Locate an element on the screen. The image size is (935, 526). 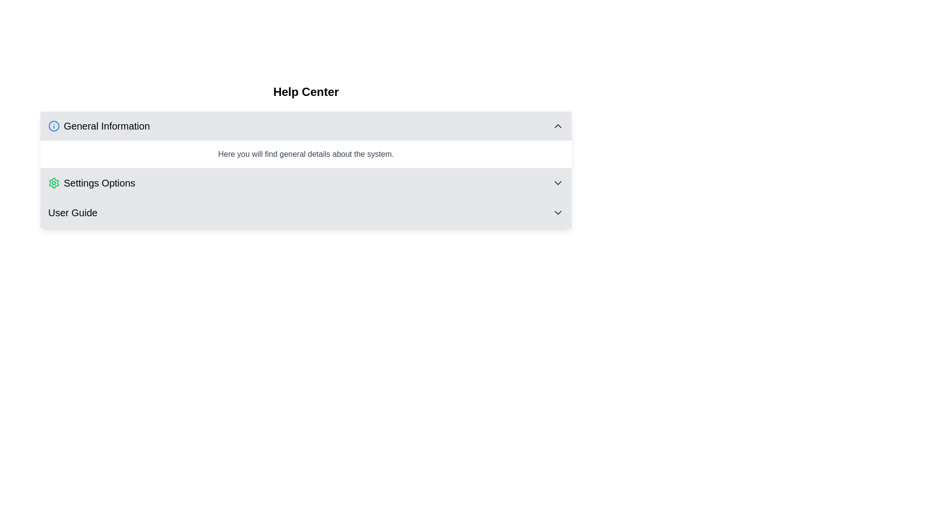
the settings icon is located at coordinates (53, 183).